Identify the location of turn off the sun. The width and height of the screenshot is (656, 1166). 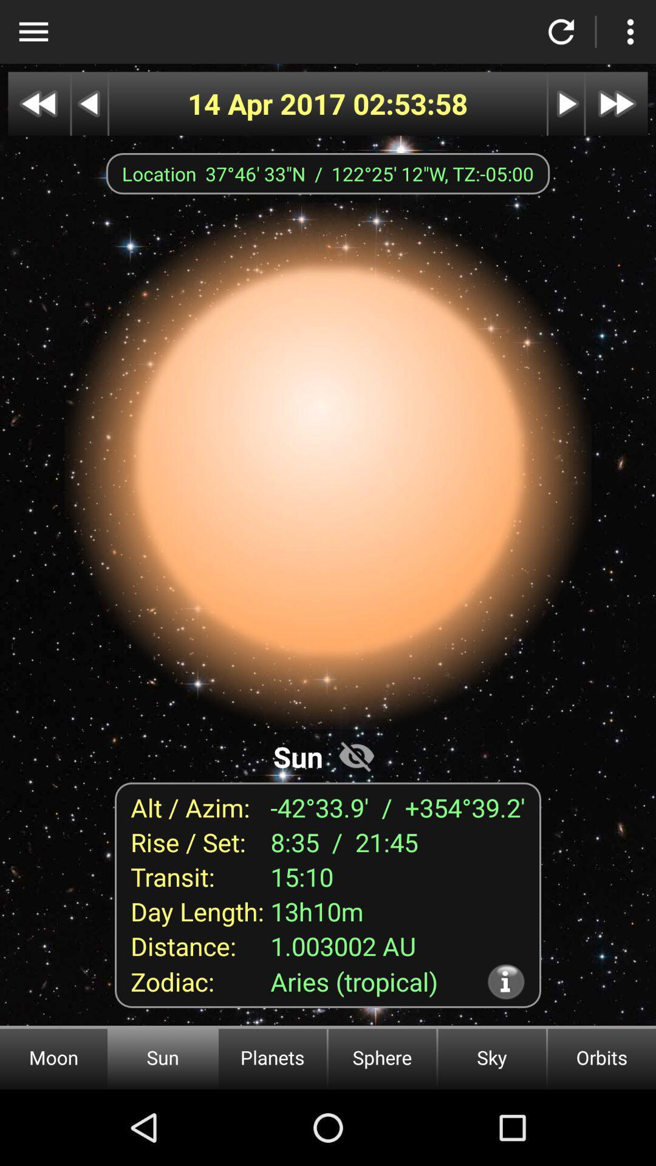
(356, 755).